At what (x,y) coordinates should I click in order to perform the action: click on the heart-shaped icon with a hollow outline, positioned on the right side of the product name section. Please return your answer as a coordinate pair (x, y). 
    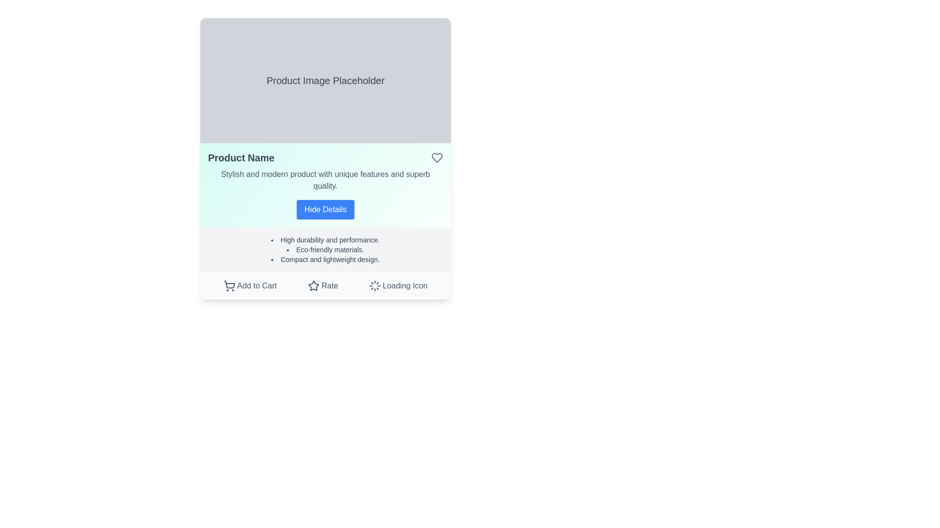
    Looking at the image, I should click on (436, 157).